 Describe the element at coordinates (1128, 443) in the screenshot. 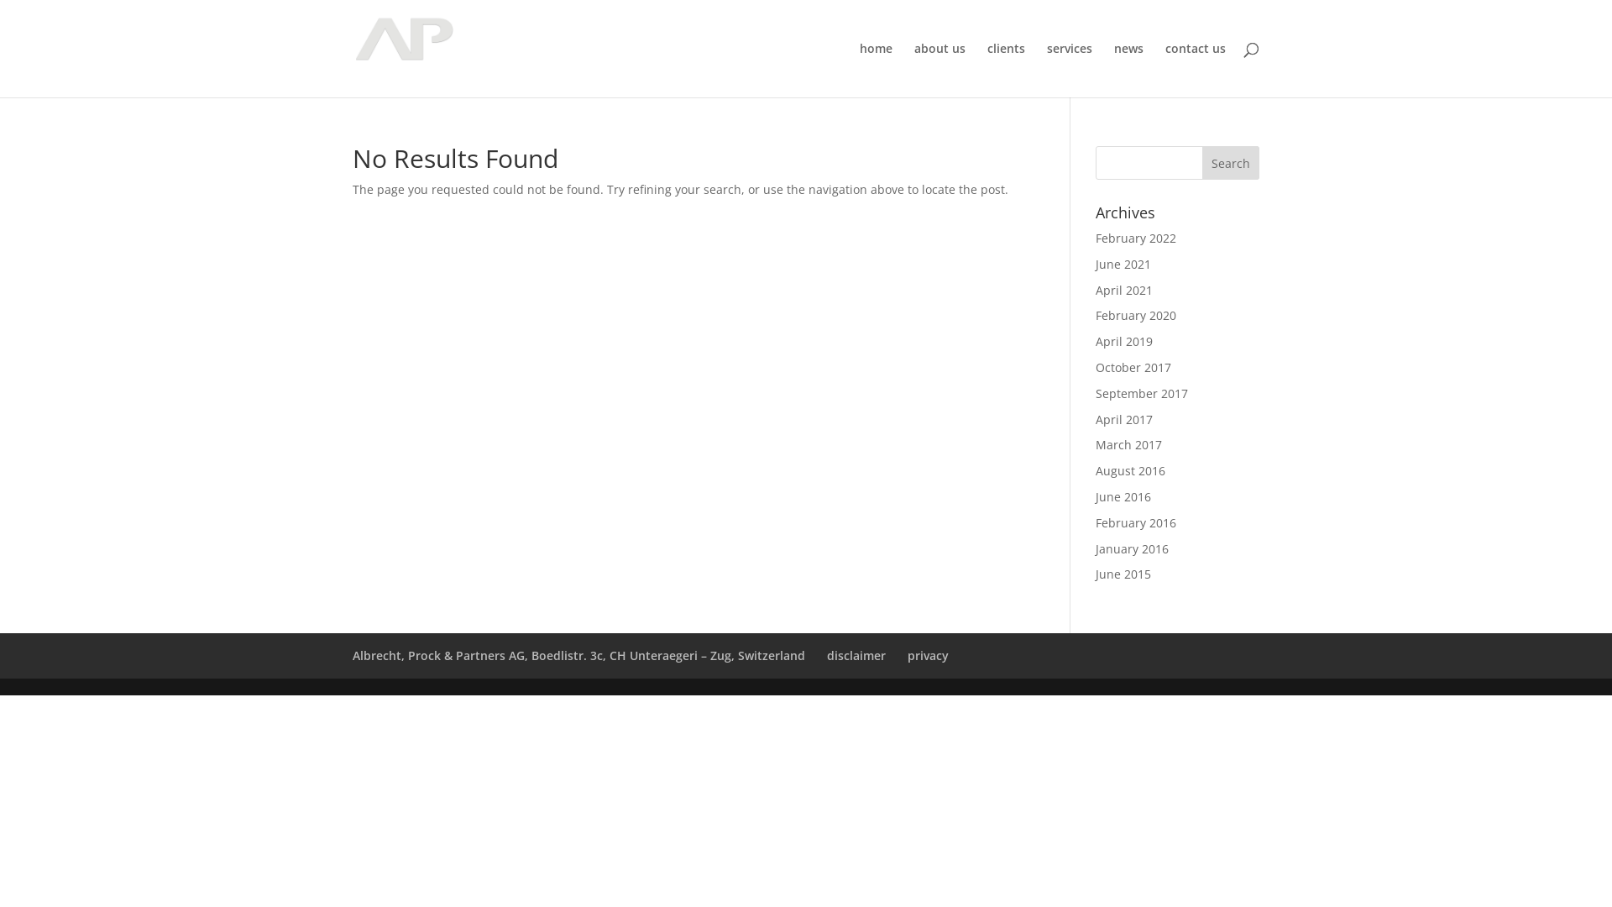

I see `'March 2017'` at that location.